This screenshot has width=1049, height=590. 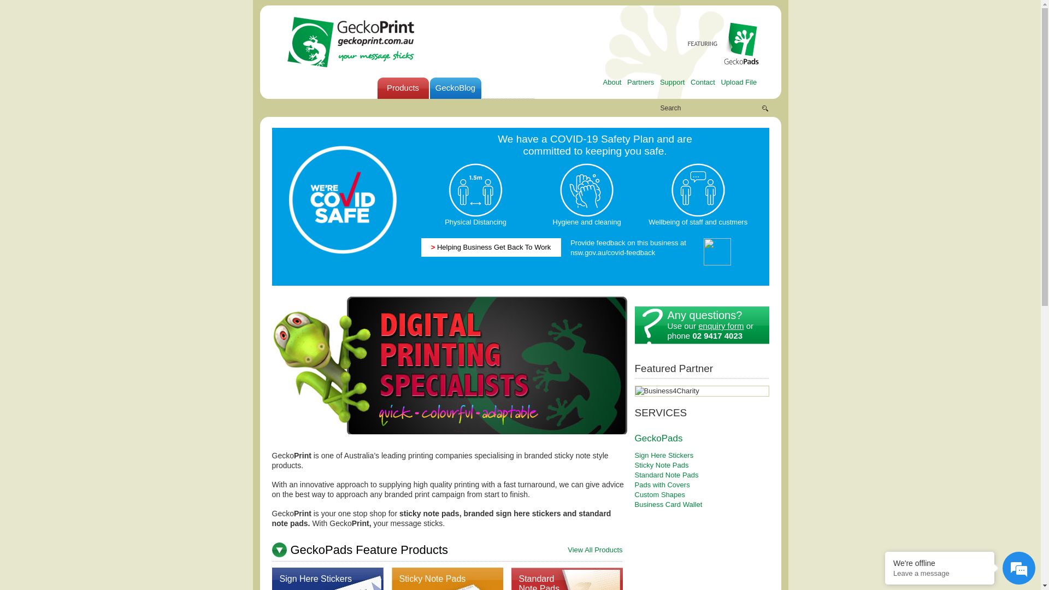 I want to click on 'GeckoBlog', so click(x=455, y=87).